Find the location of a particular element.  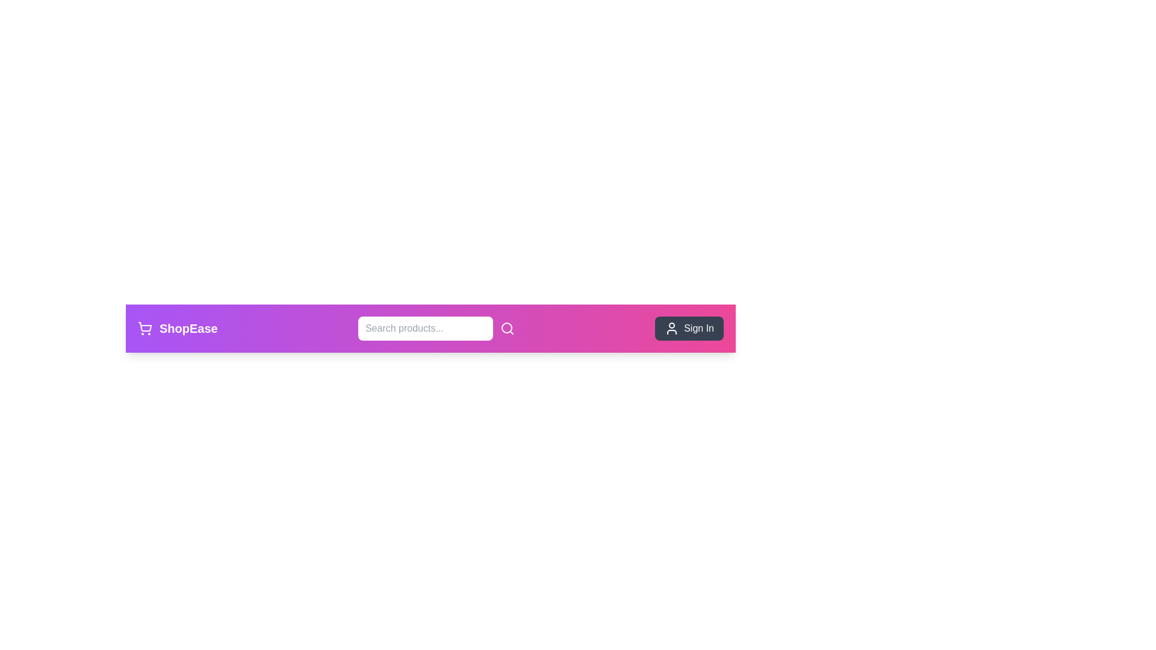

the search icon in the app bar is located at coordinates (507, 329).